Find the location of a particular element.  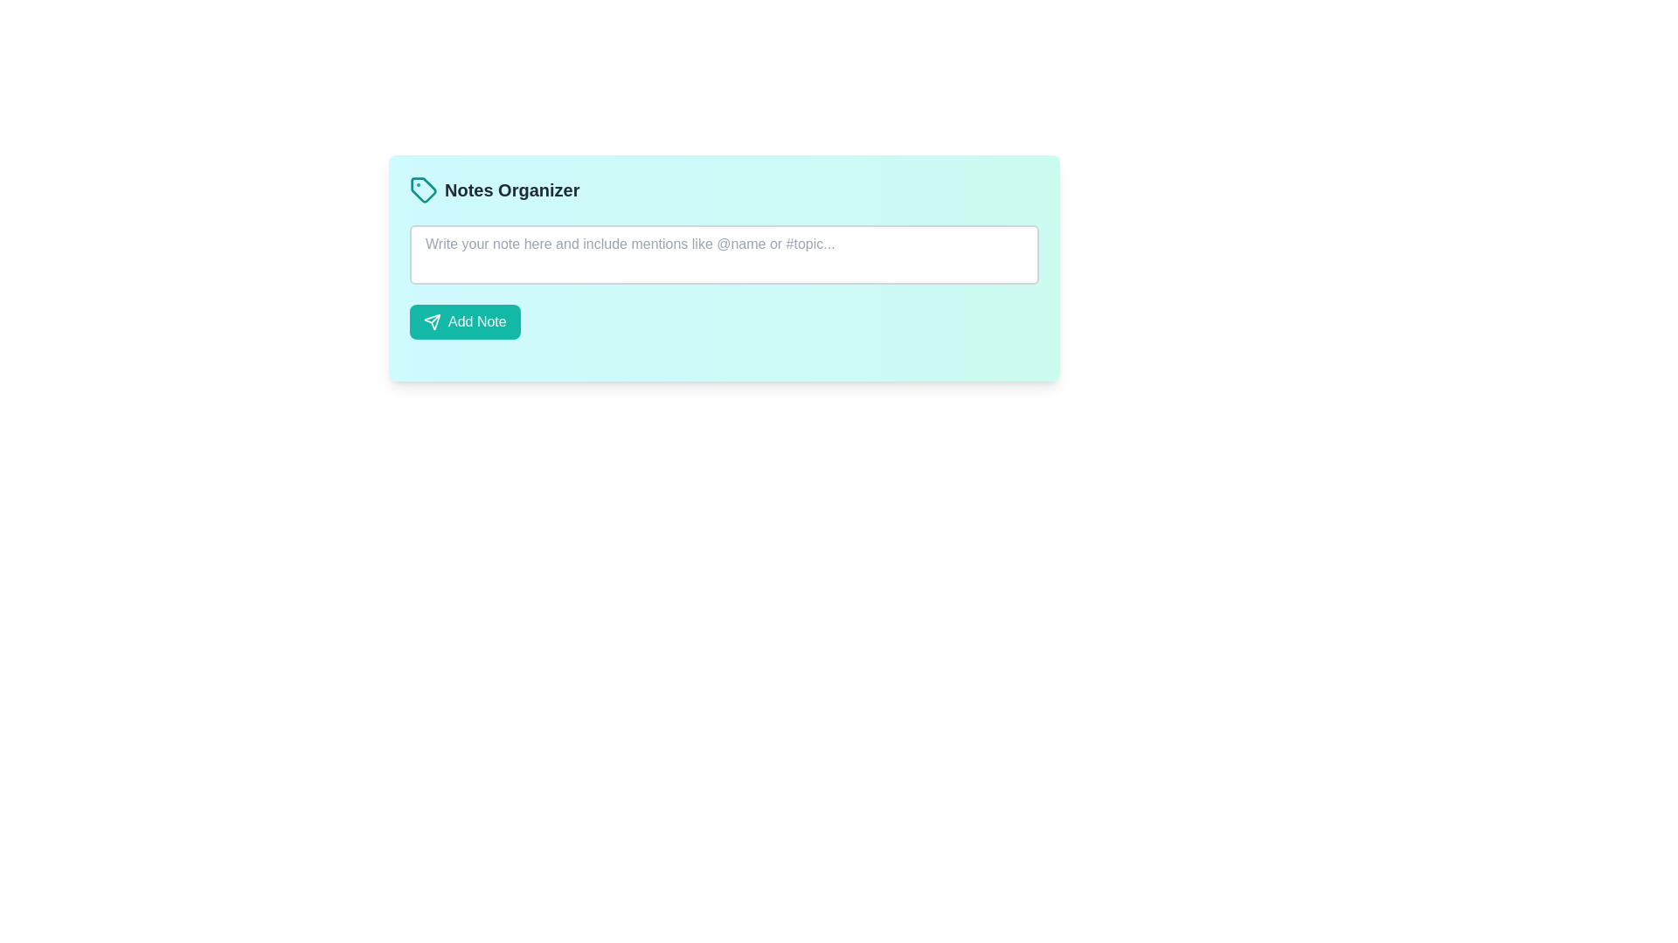

the Vector graphic icon located in the header of the notes organizer interface is located at coordinates (423, 190).